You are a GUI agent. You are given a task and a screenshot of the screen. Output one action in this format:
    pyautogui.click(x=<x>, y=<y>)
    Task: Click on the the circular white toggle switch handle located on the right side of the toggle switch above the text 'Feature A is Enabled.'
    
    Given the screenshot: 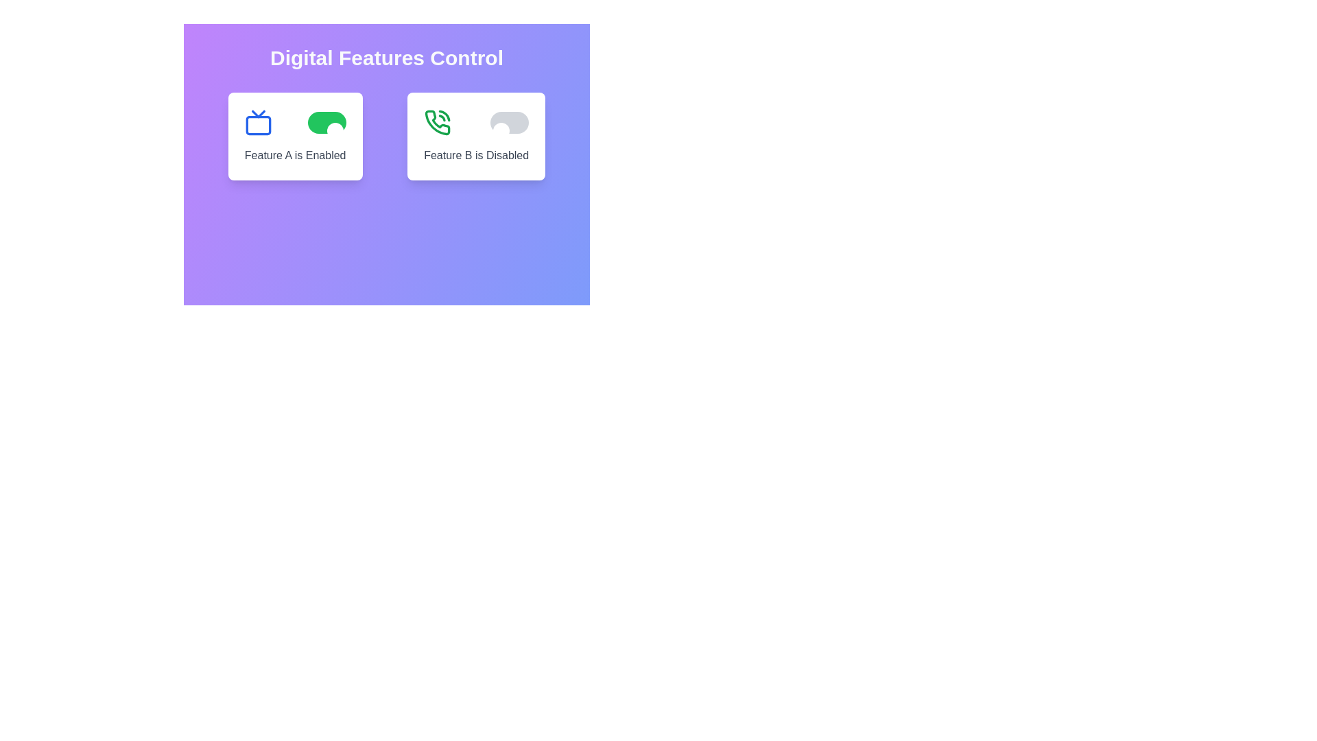 What is the action you would take?
    pyautogui.click(x=335, y=131)
    